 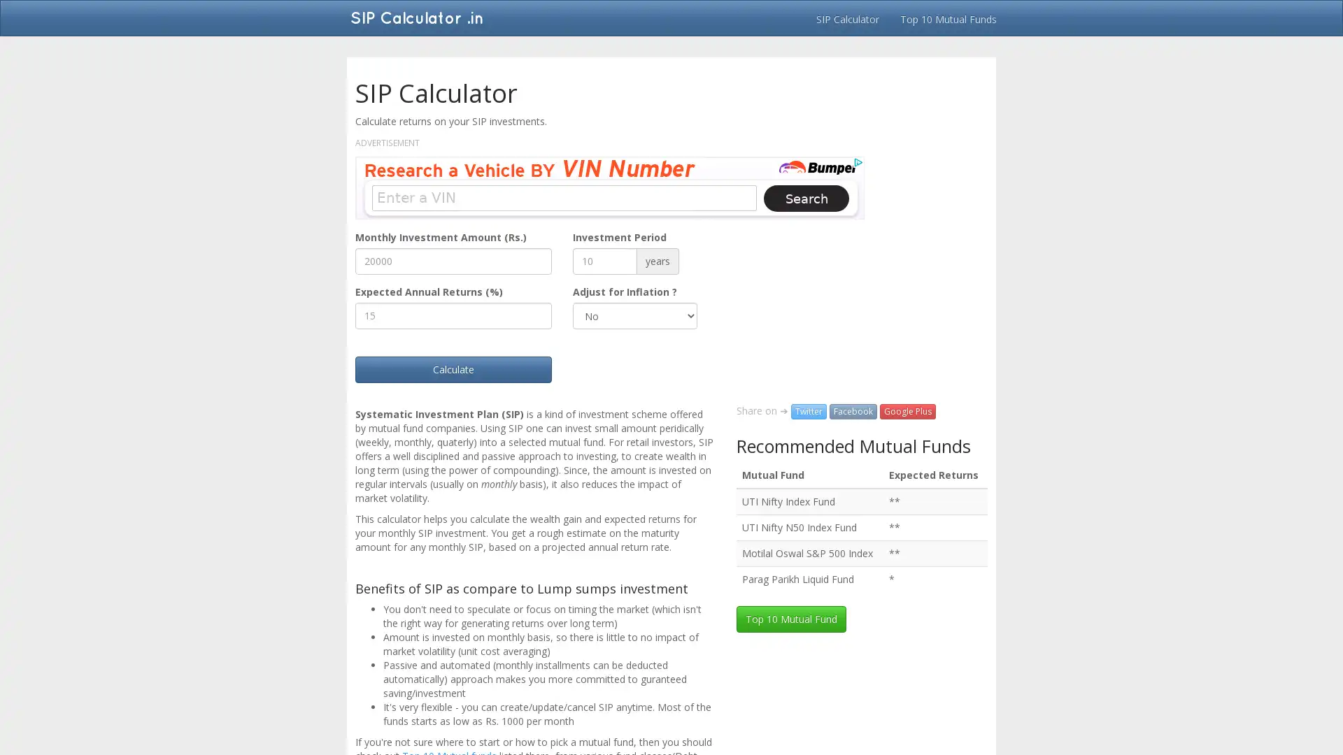 What do you see at coordinates (453, 368) in the screenshot?
I see `Calculate` at bounding box center [453, 368].